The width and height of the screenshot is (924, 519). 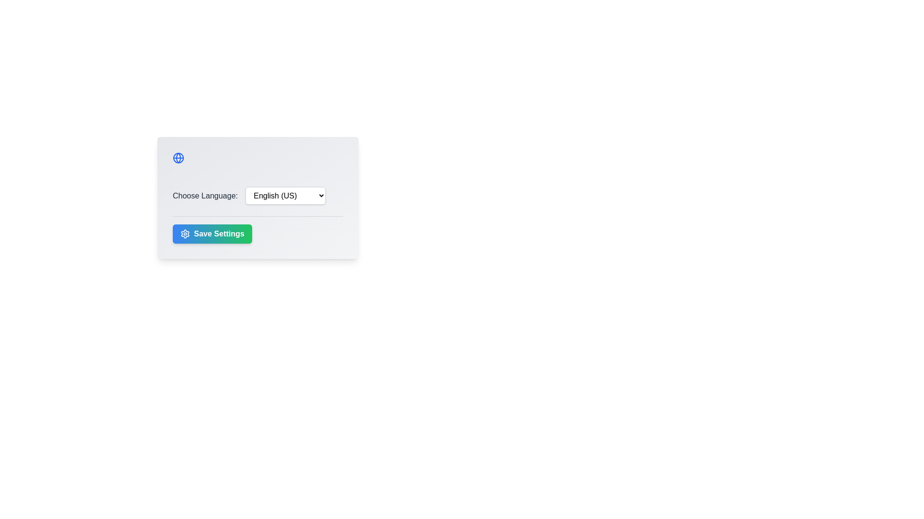 I want to click on the 'Save Settings' button, so click(x=212, y=234).